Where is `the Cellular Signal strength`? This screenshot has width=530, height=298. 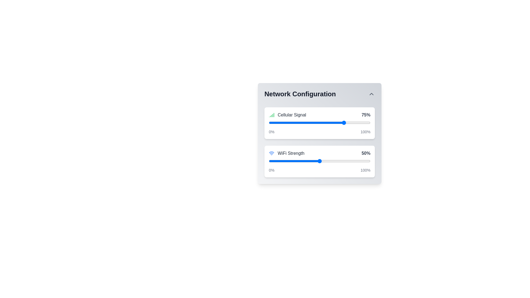
the Cellular Signal strength is located at coordinates (362, 122).